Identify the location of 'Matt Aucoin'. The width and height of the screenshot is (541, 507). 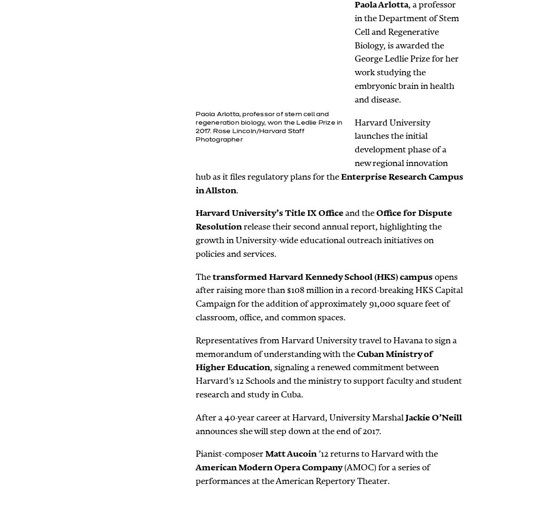
(265, 454).